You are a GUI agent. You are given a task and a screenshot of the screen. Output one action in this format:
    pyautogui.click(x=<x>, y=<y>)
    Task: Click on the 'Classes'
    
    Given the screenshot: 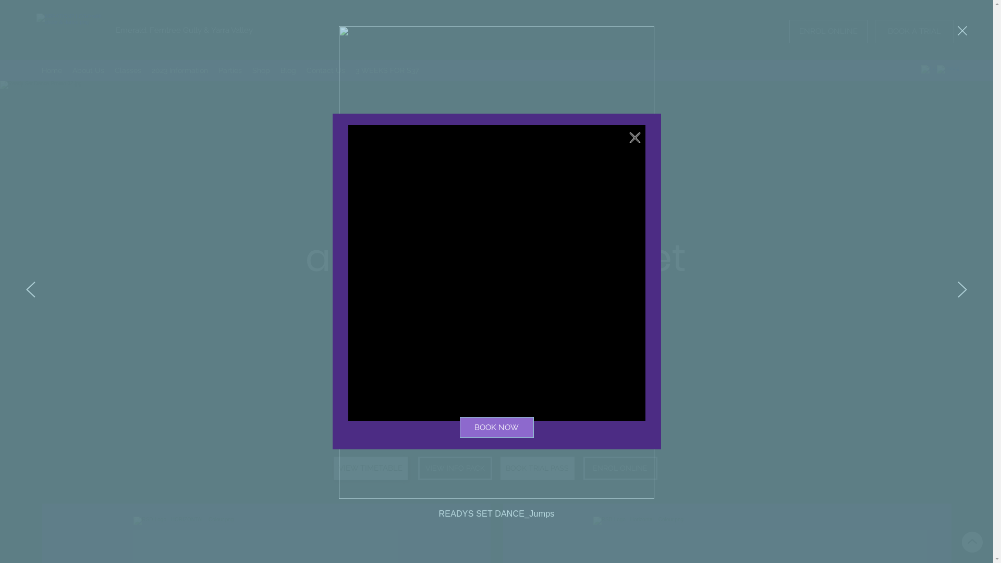 What is the action you would take?
    pyautogui.click(x=127, y=70)
    